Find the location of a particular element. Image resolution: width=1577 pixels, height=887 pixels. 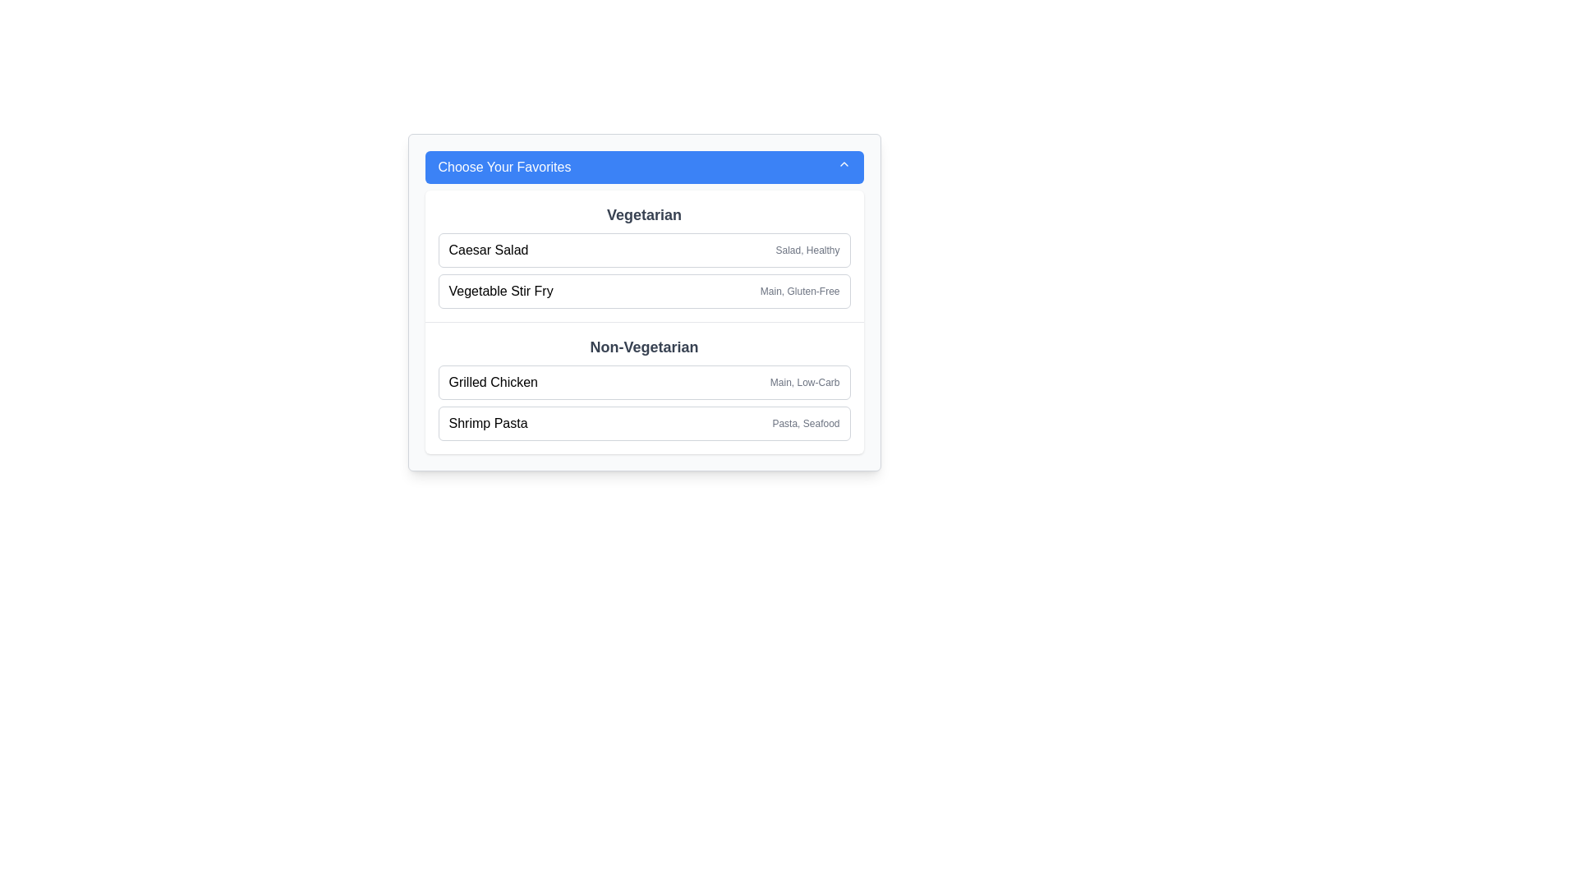

text label 'Main, Gluten-Free' located to the far right of the 'Vegetable Stir Fry' row in the 'Vegetarian' section of the menu interface is located at coordinates (800, 290).